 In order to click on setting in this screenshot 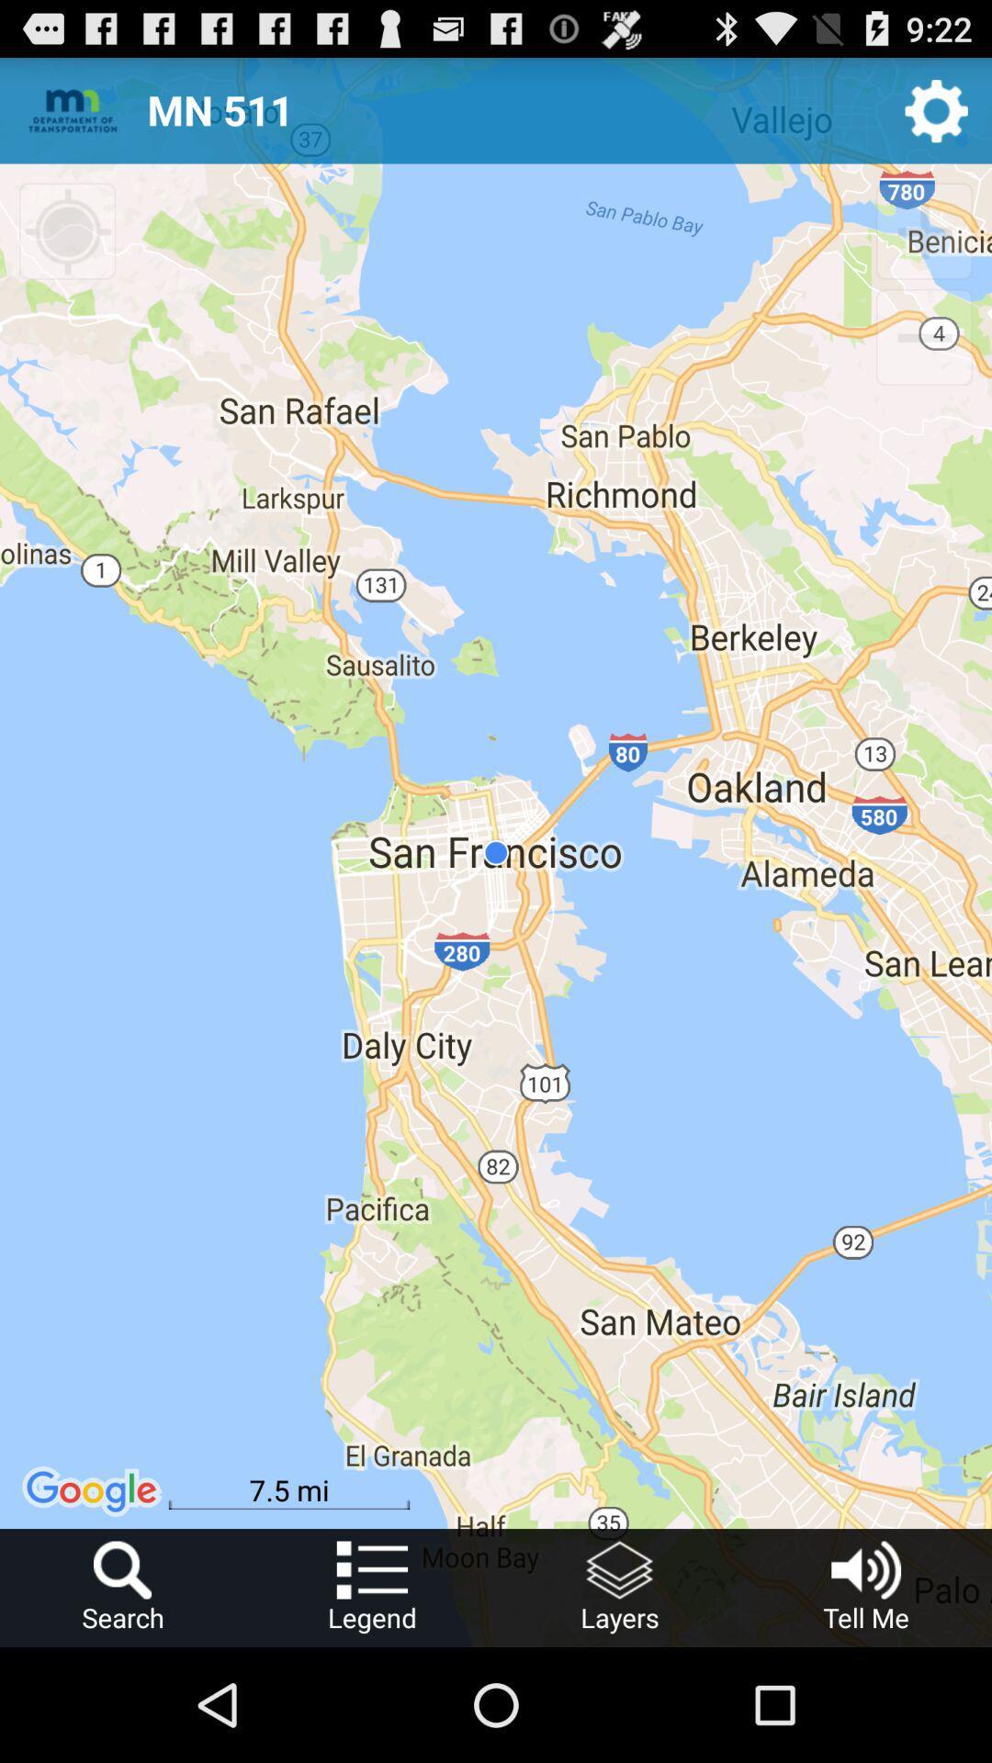, I will do `click(936, 109)`.